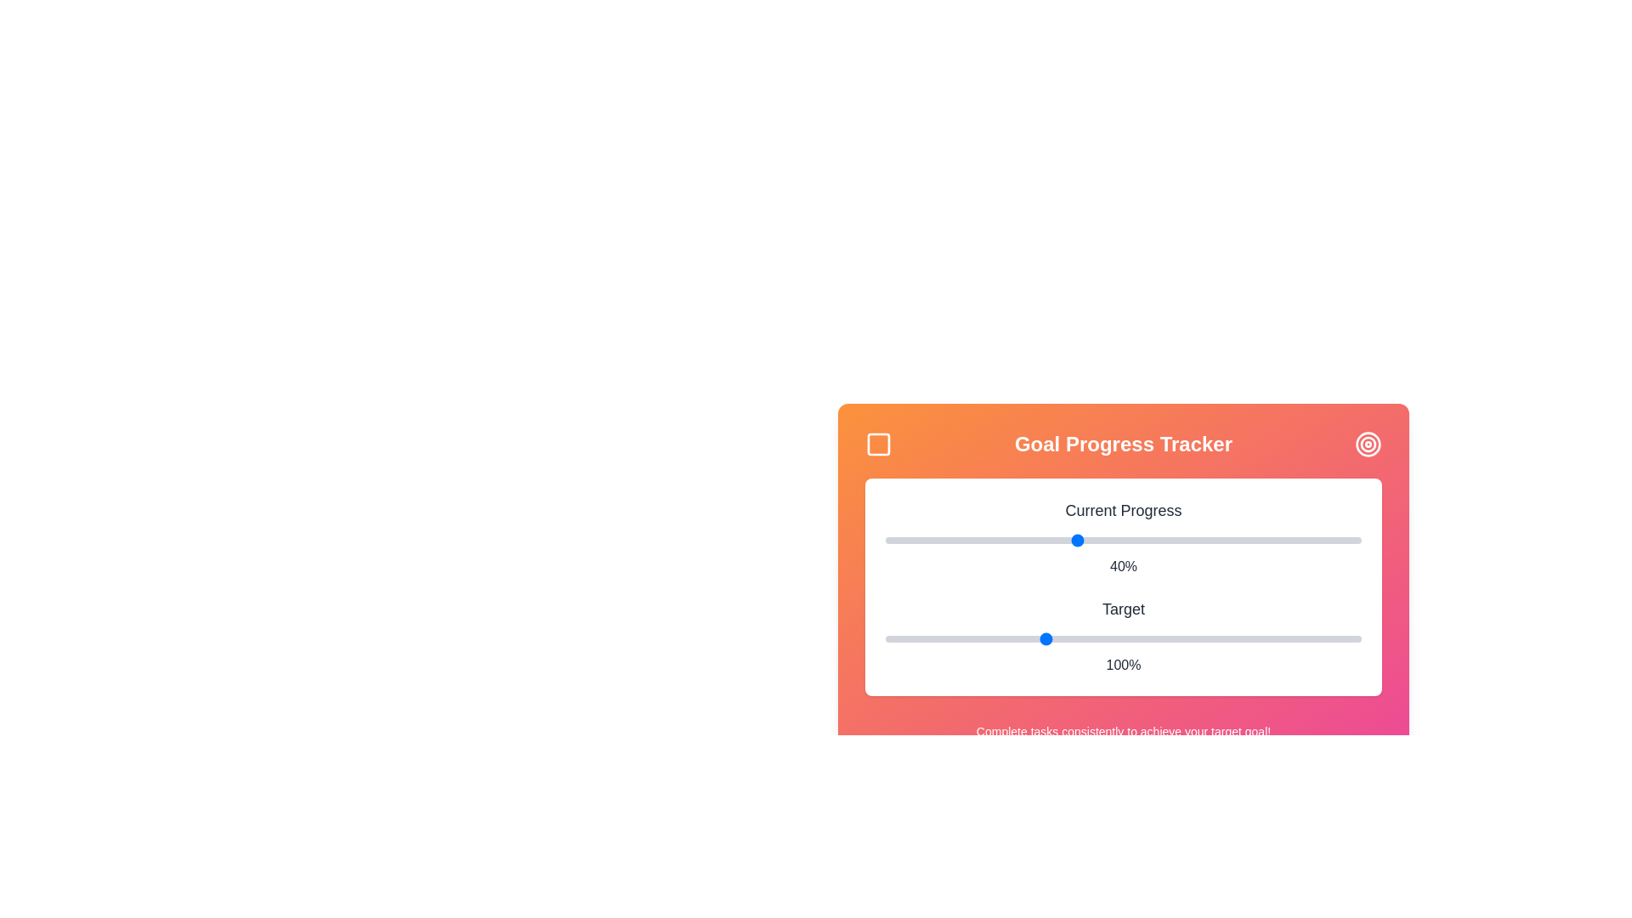 The height and width of the screenshot is (918, 1632). Describe the element at coordinates (977, 639) in the screenshot. I see `the 'Target' slider to set its value to 79` at that location.